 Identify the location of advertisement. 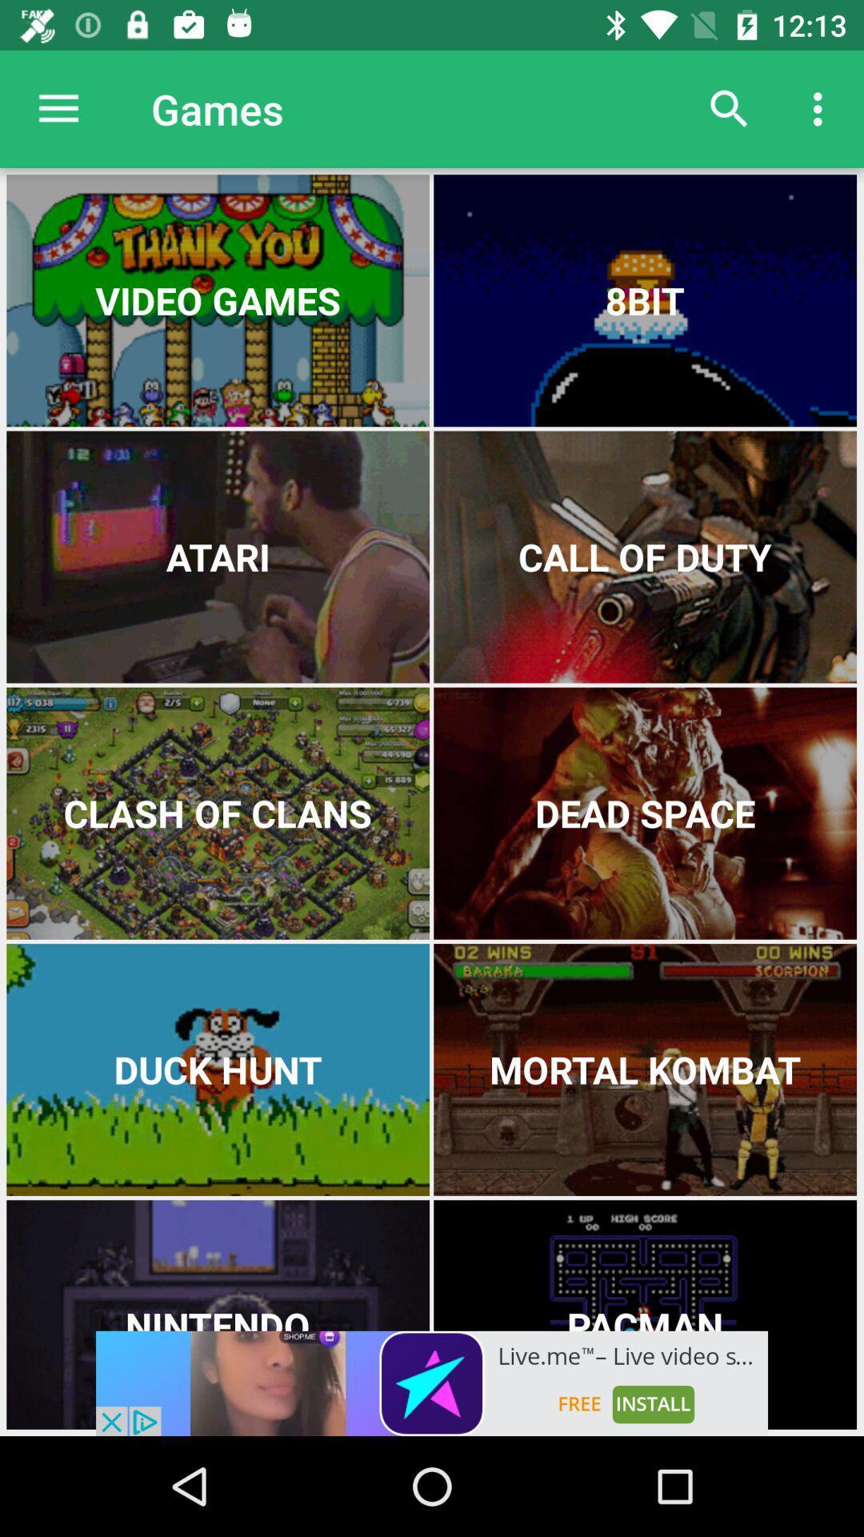
(432, 1382).